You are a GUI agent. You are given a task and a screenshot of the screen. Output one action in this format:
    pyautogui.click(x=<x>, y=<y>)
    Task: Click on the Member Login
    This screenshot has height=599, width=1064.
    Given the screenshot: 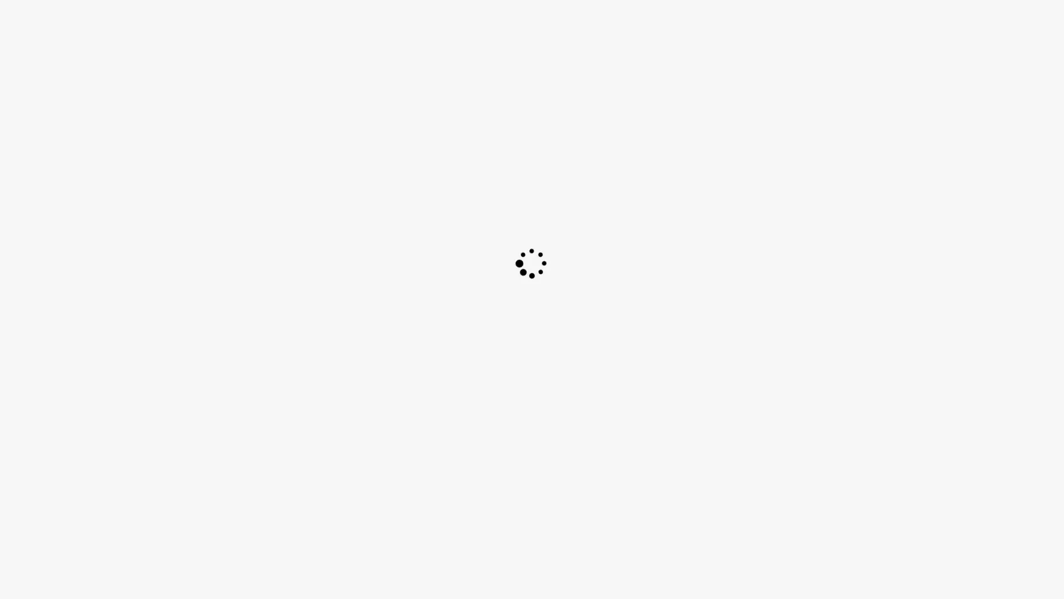 What is the action you would take?
    pyautogui.click(x=753, y=19)
    